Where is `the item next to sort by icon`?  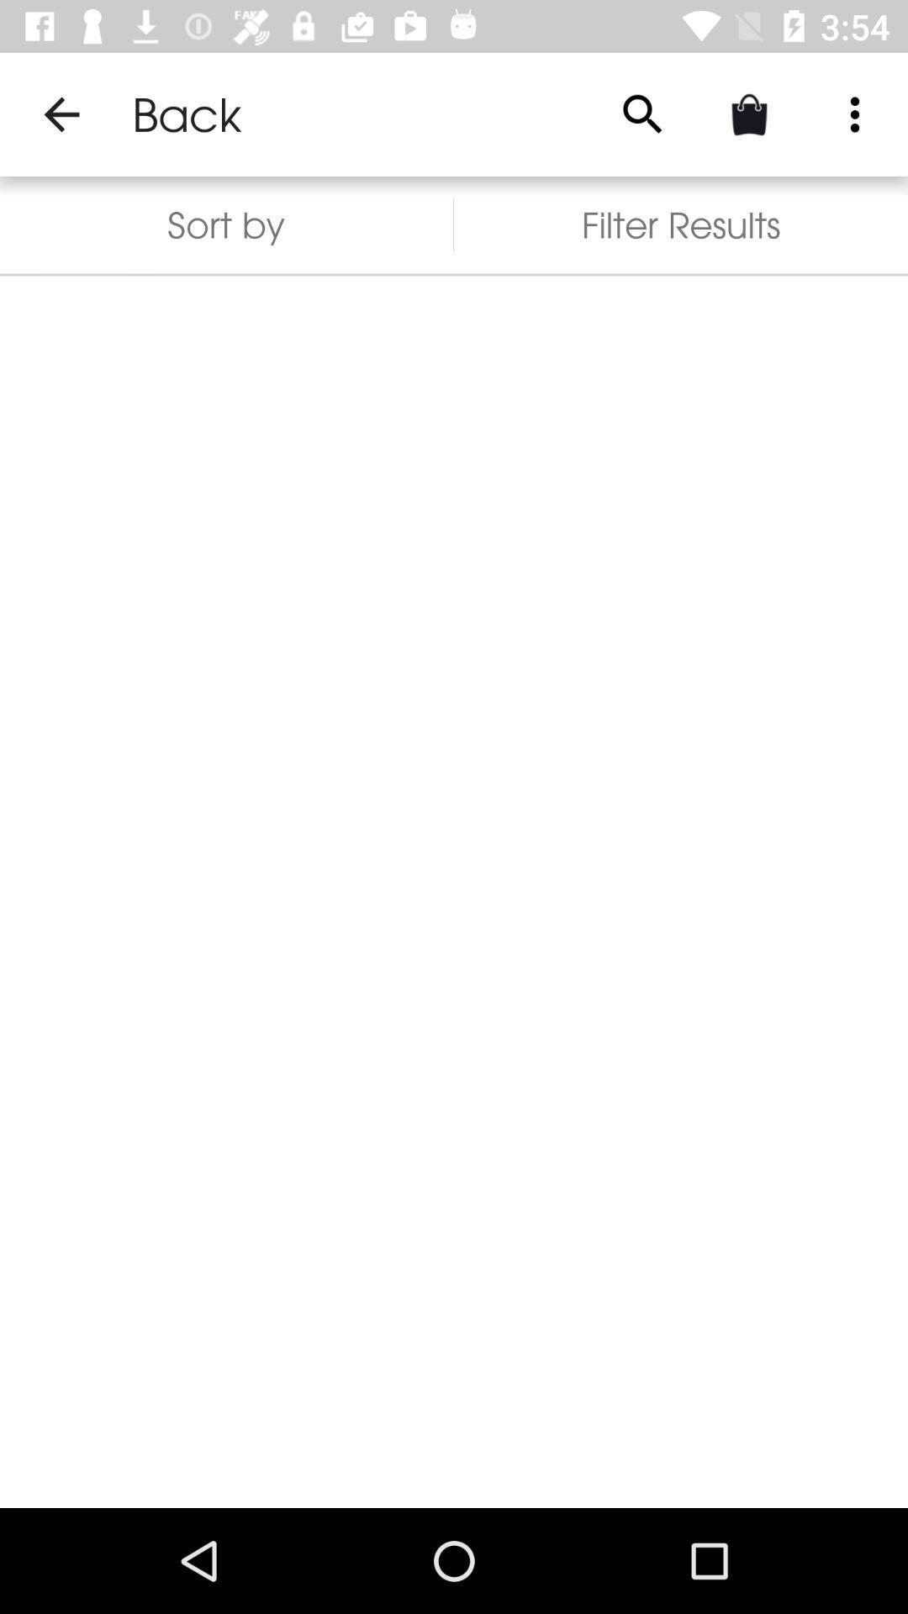 the item next to sort by icon is located at coordinates (681, 224).